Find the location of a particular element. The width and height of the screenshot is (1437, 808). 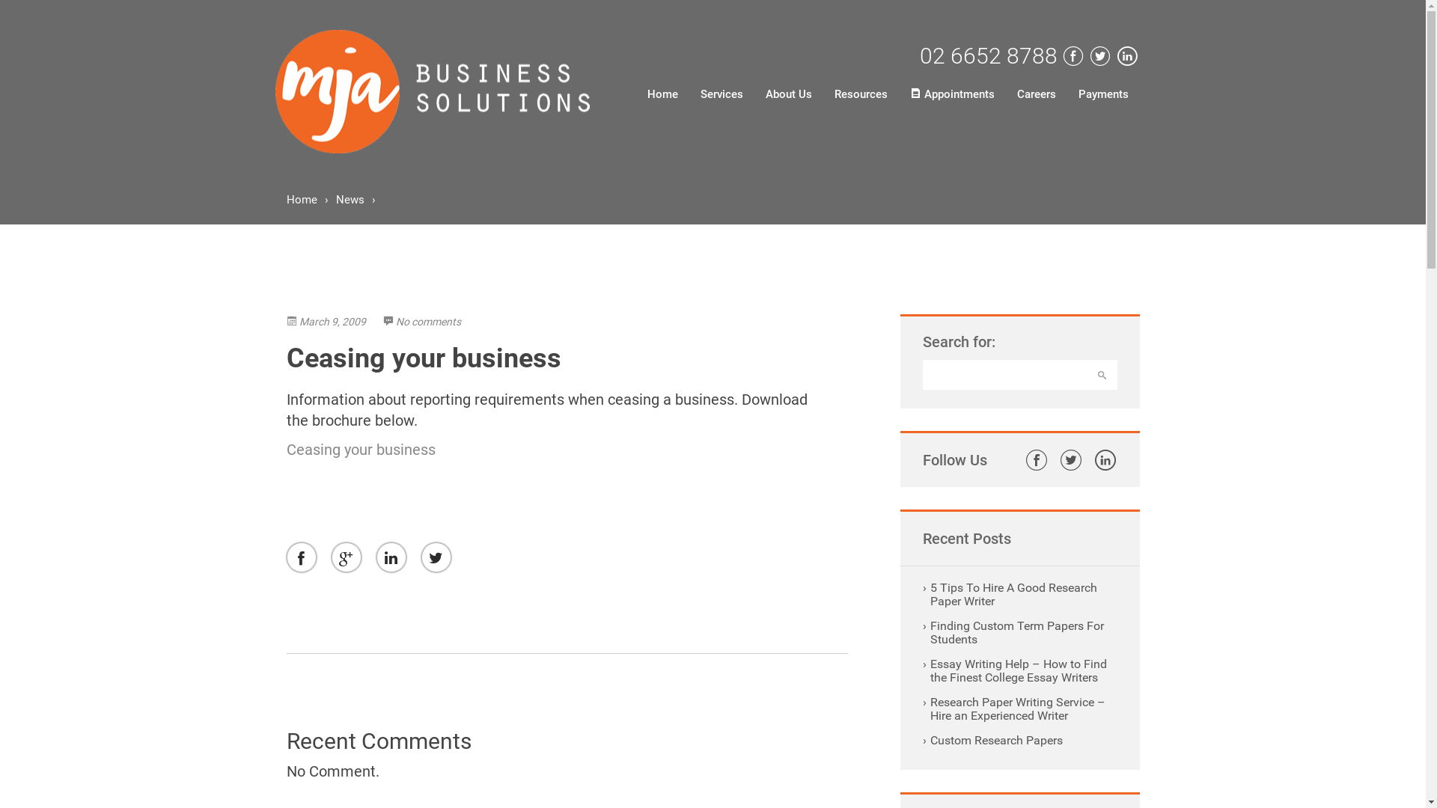

'News' is located at coordinates (348, 198).